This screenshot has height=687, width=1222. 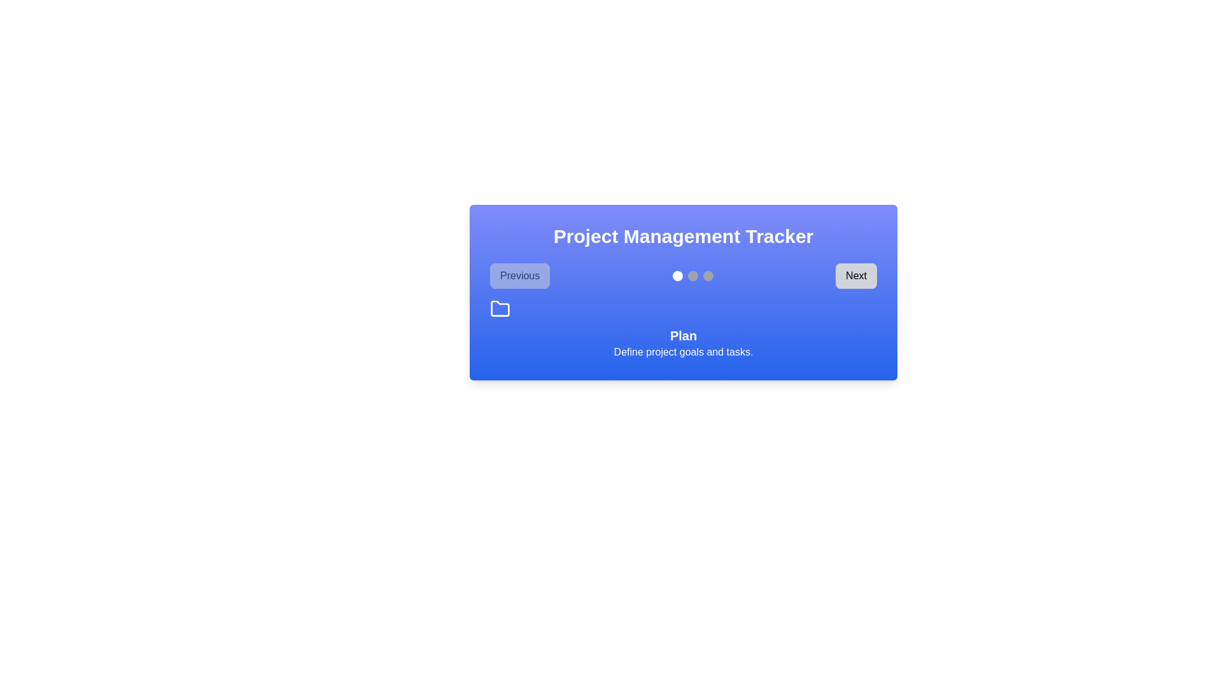 I want to click on the 'Next' button to navigate to the next step, so click(x=855, y=275).